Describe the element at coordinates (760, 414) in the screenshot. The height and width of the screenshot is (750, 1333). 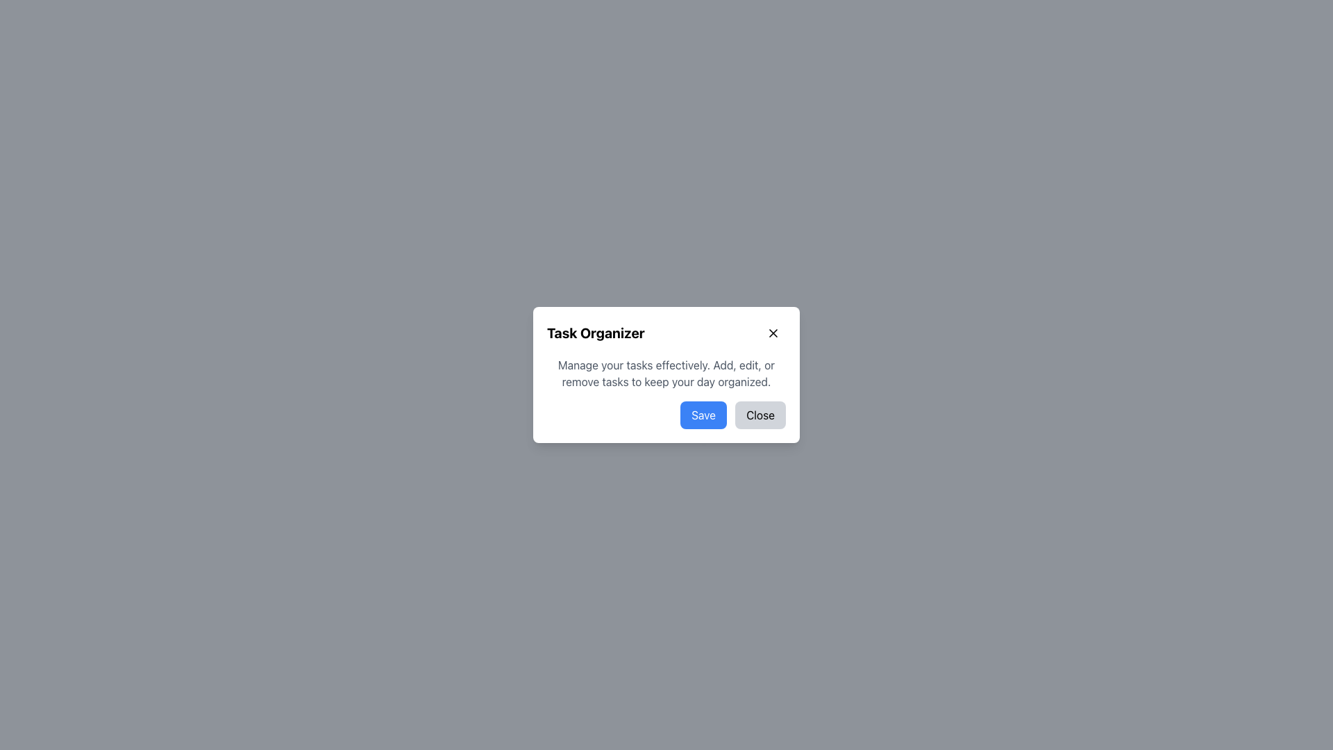
I see `the close button located on the right side of the modal dialog to trigger a color change` at that location.